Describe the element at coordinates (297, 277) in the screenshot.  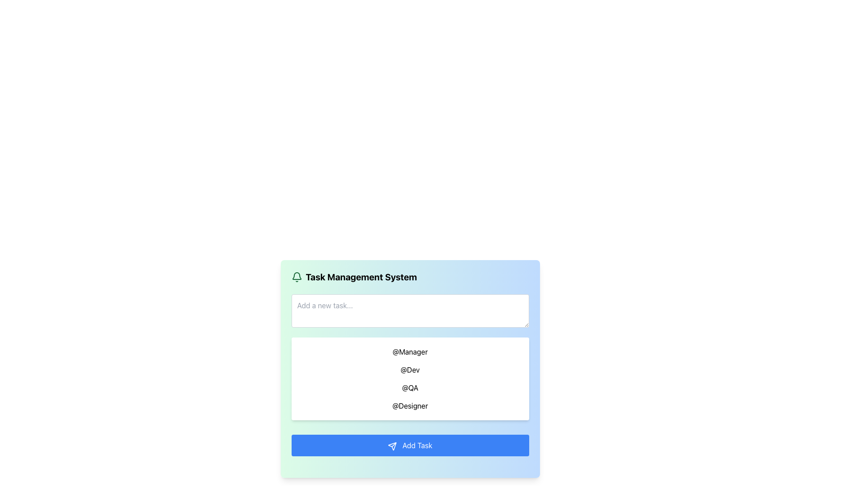
I see `the notification icon located to the left of the 'Task Management System' text in the header section of the card component` at that location.